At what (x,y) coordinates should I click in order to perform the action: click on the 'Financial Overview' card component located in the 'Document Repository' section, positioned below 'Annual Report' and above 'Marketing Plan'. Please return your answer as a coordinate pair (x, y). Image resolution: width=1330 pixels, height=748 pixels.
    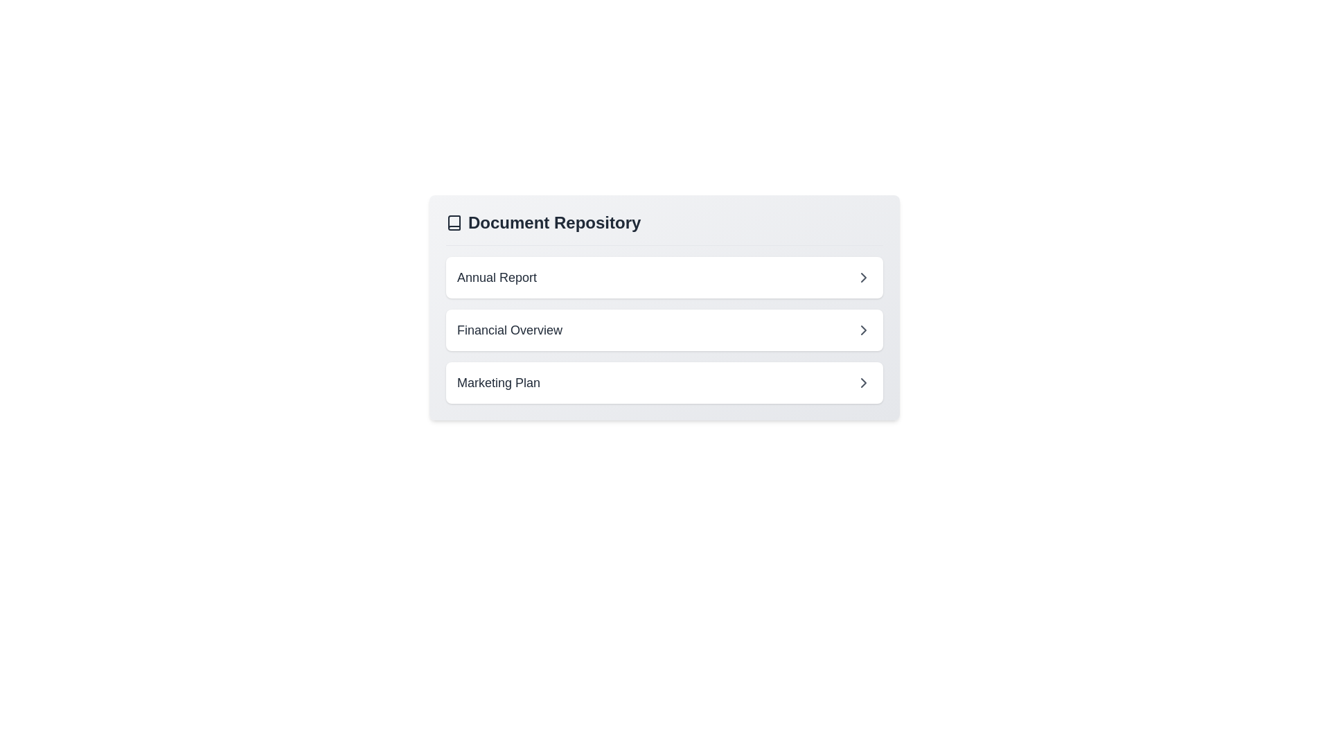
    Looking at the image, I should click on (664, 330).